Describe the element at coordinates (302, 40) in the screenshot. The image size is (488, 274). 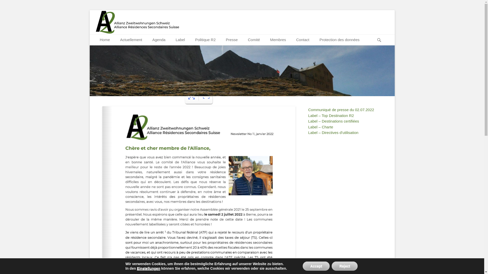
I see `'Contact'` at that location.